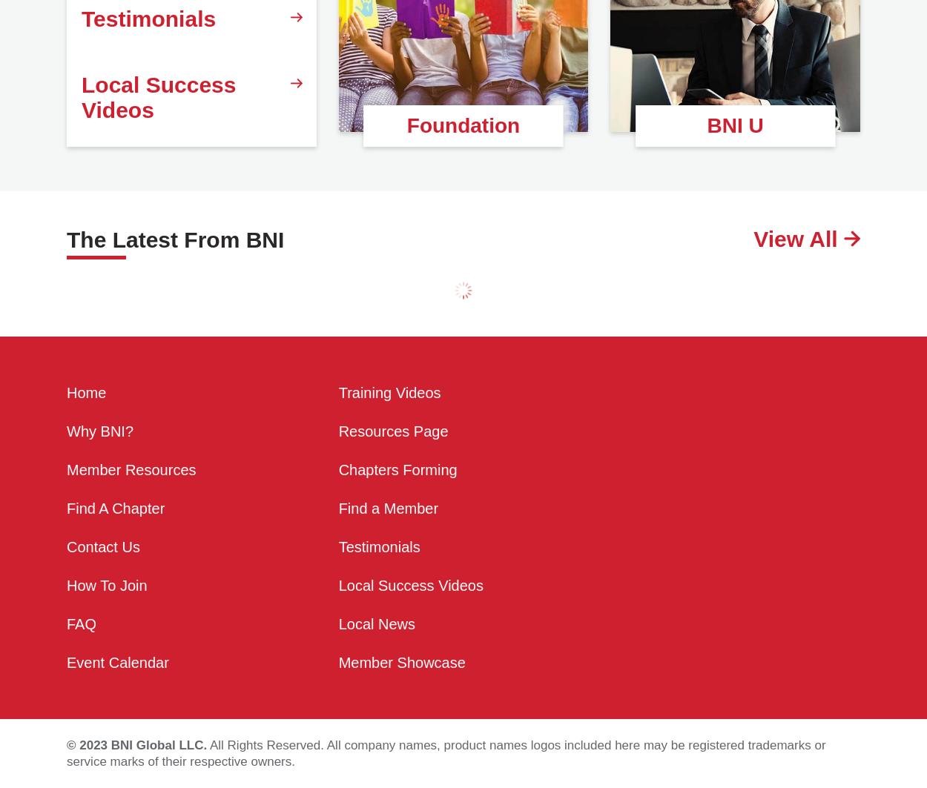 This screenshot has width=927, height=788. Describe the element at coordinates (389, 739) in the screenshot. I see `'Training Videos'` at that location.